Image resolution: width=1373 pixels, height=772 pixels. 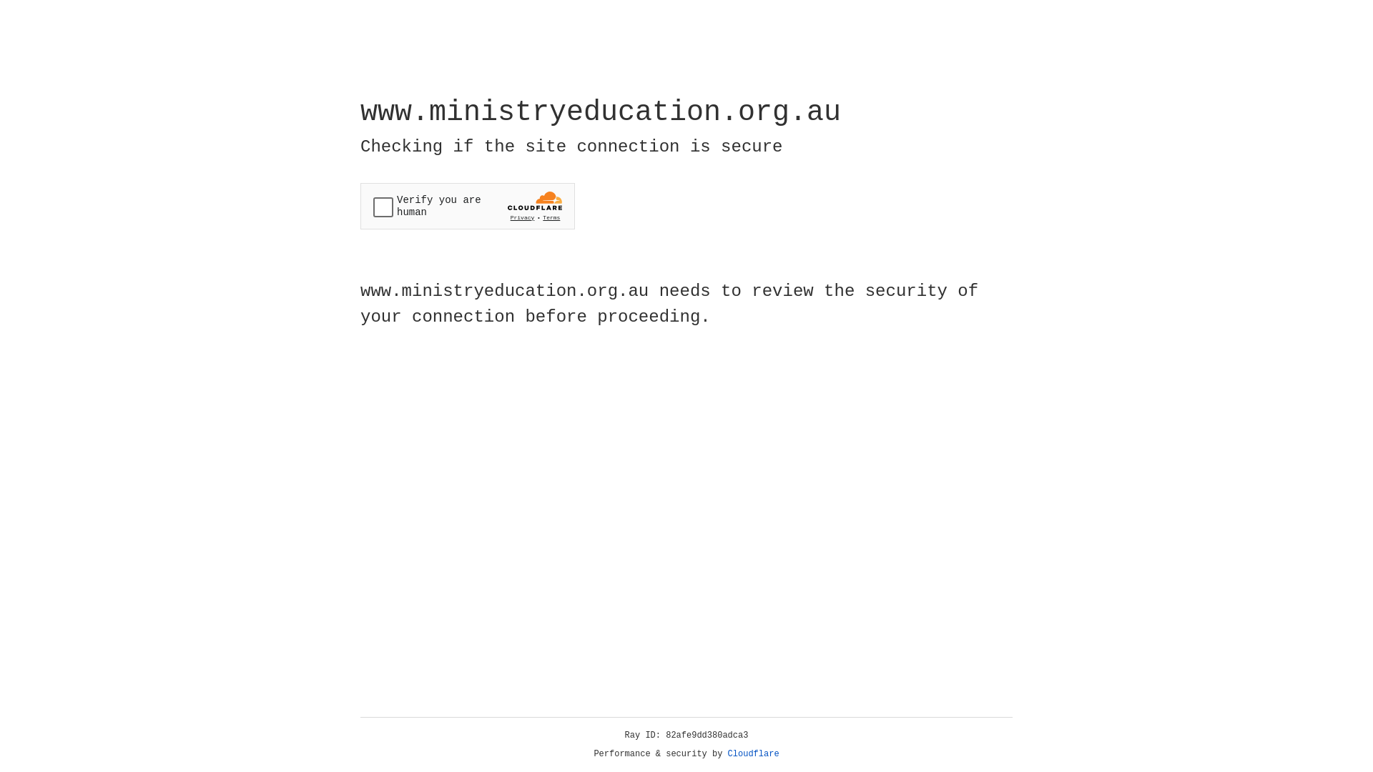 I want to click on 'Widget containing a Cloudflare security challenge', so click(x=467, y=206).